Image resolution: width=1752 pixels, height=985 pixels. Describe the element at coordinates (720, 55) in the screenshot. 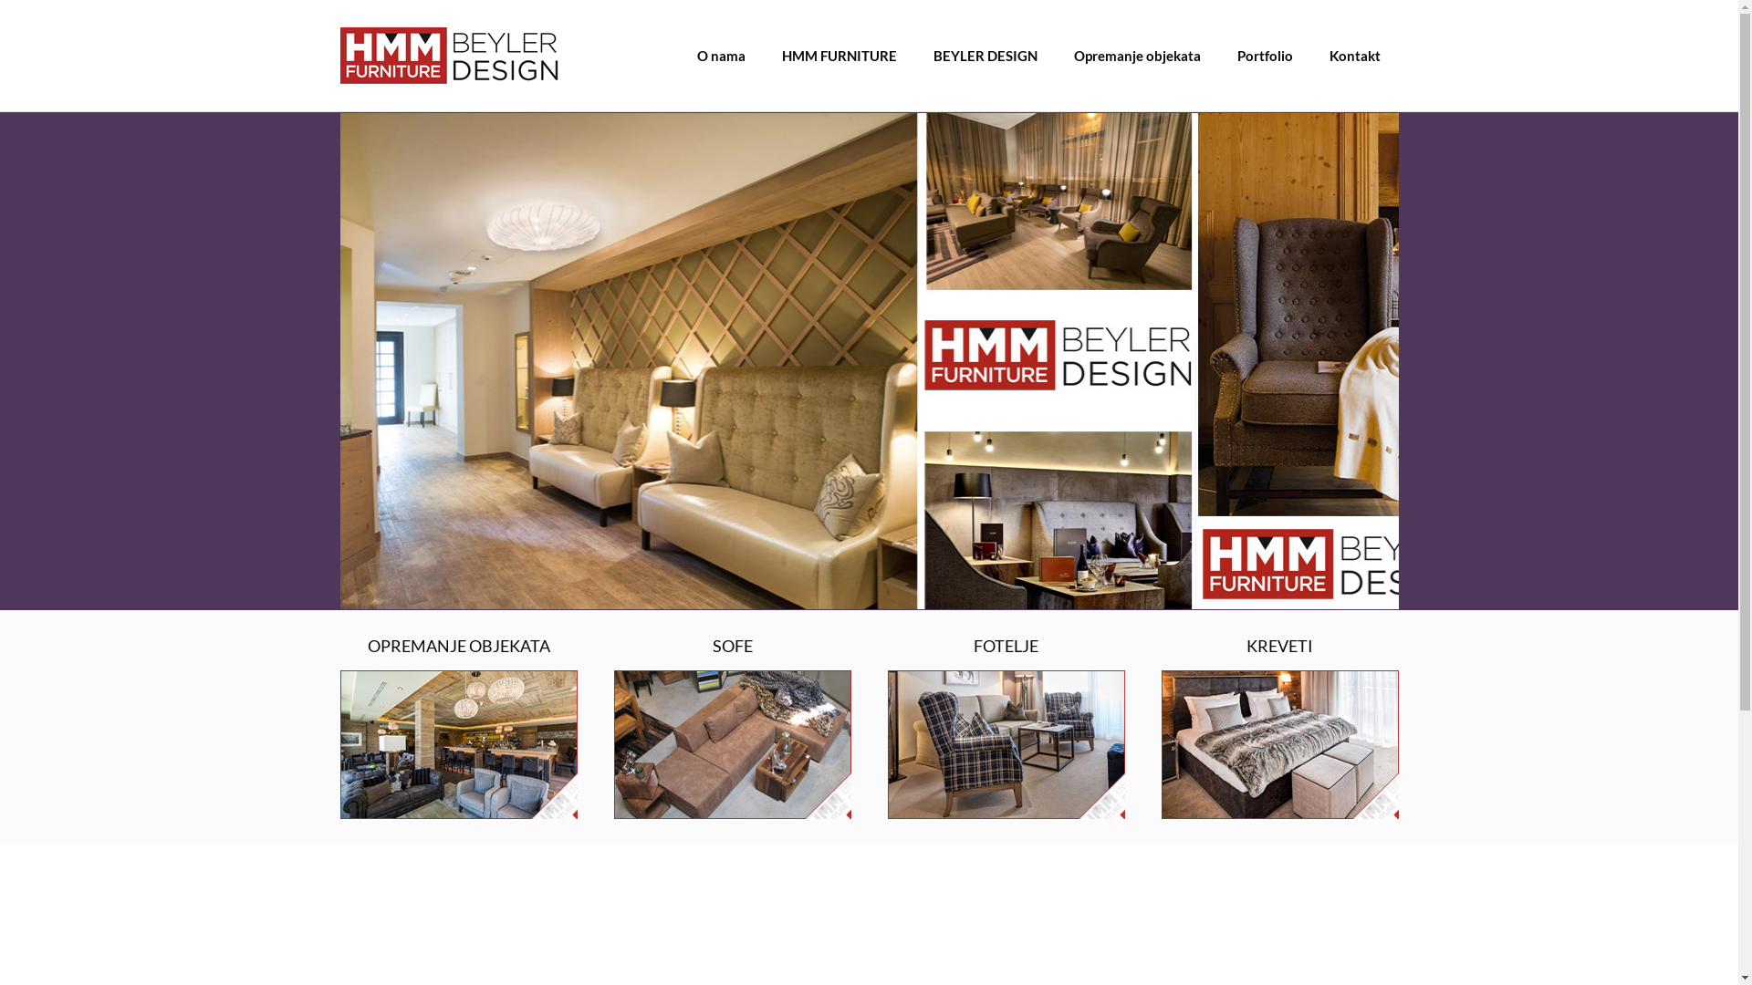

I see `'O nama'` at that location.